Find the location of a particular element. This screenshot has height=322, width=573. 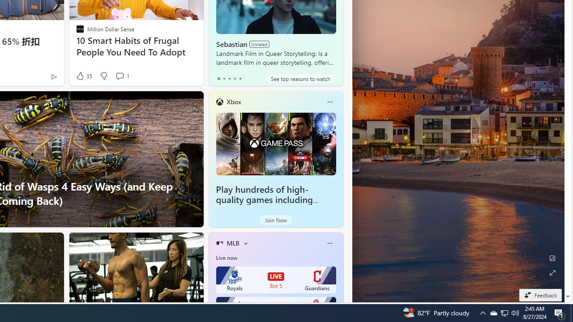

'tab-2' is located at coordinates (229, 78).